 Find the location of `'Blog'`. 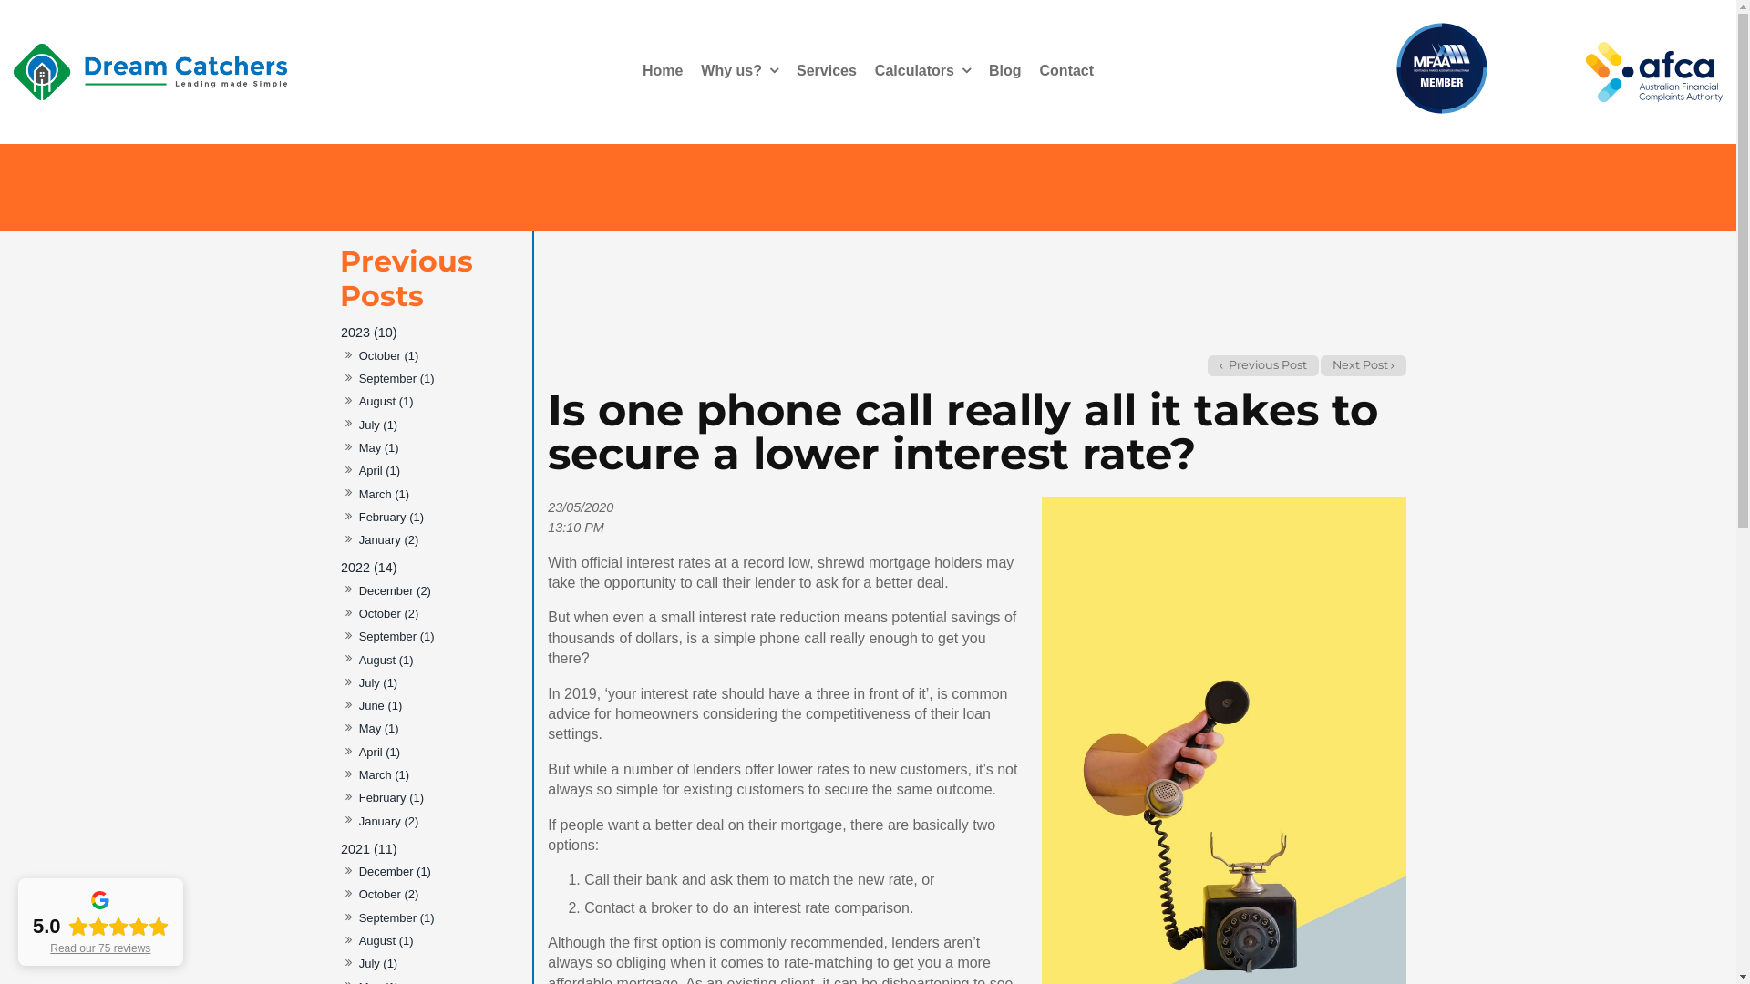

'Blog' is located at coordinates (1004, 70).